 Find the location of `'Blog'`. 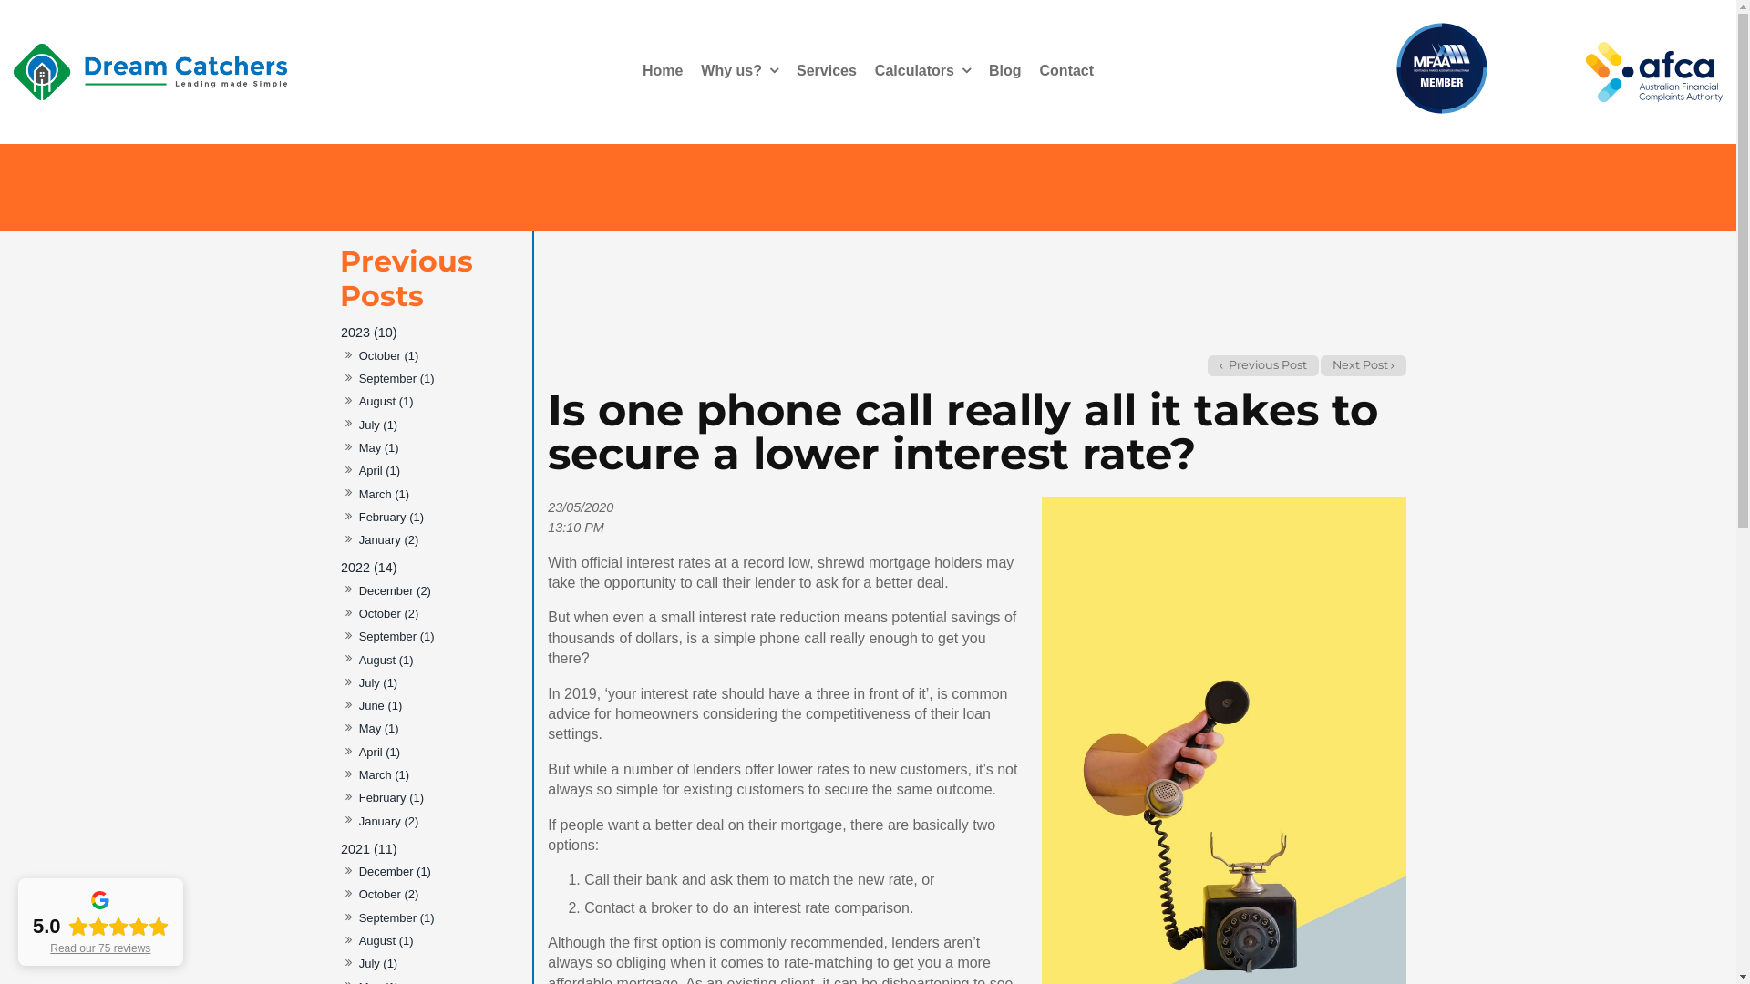

'Blog' is located at coordinates (1004, 70).